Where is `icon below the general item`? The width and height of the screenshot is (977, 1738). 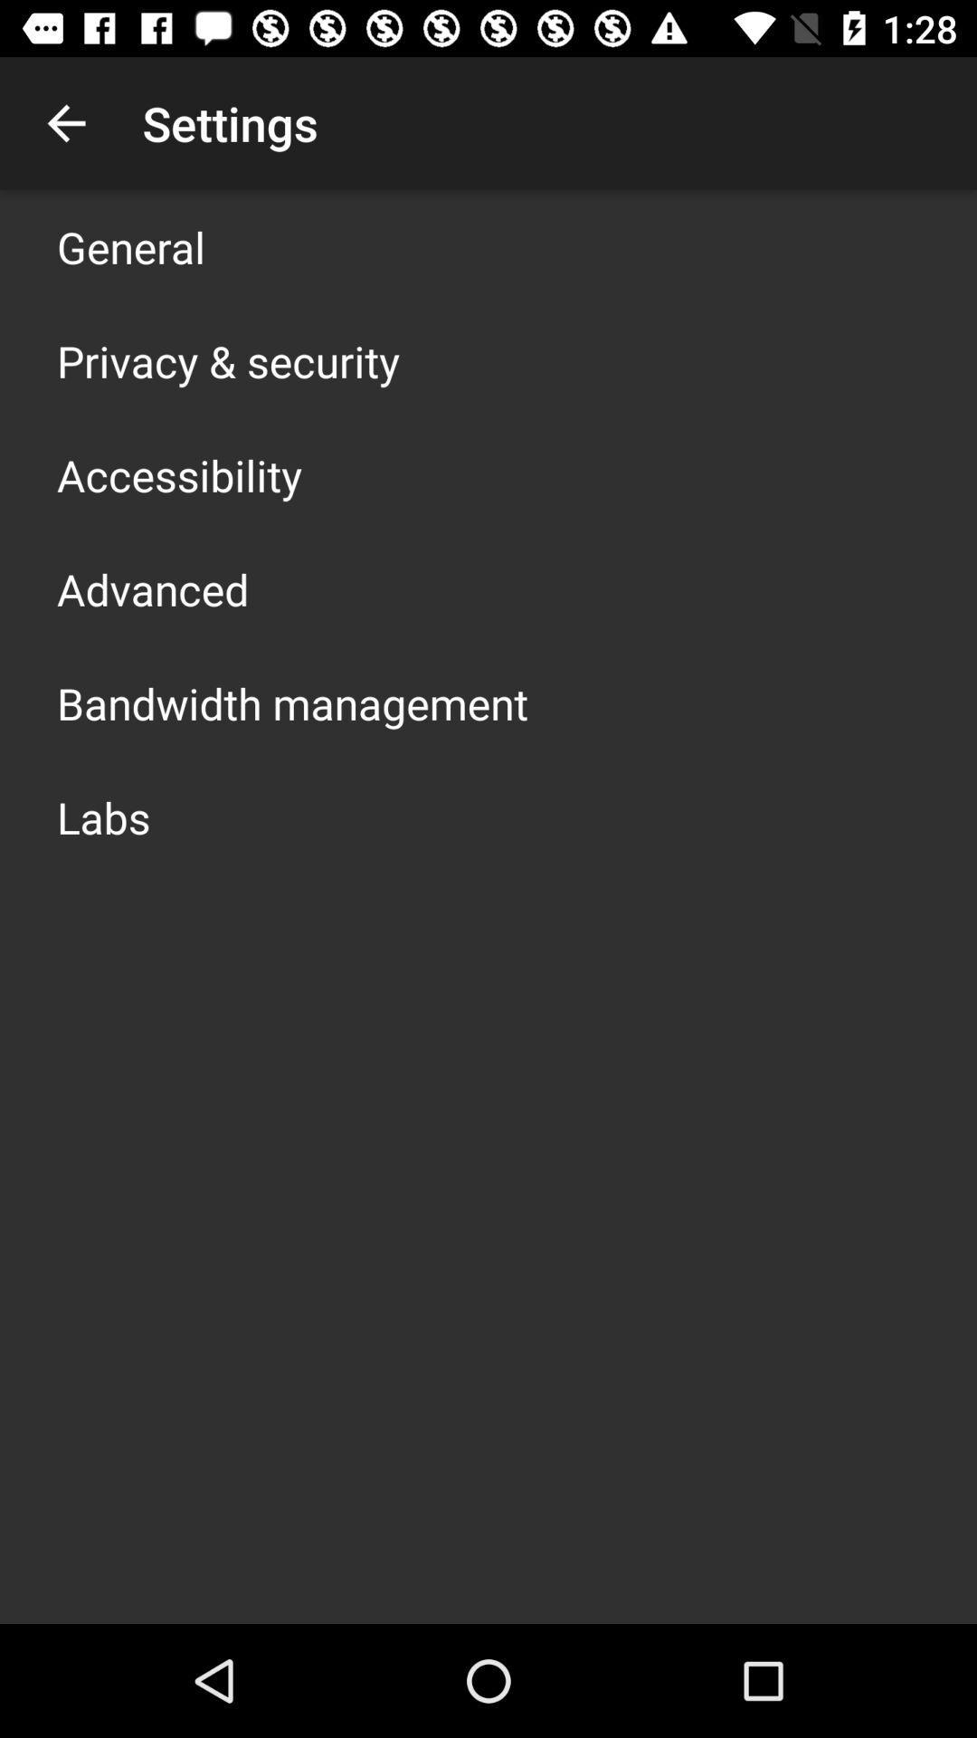
icon below the general item is located at coordinates (227, 360).